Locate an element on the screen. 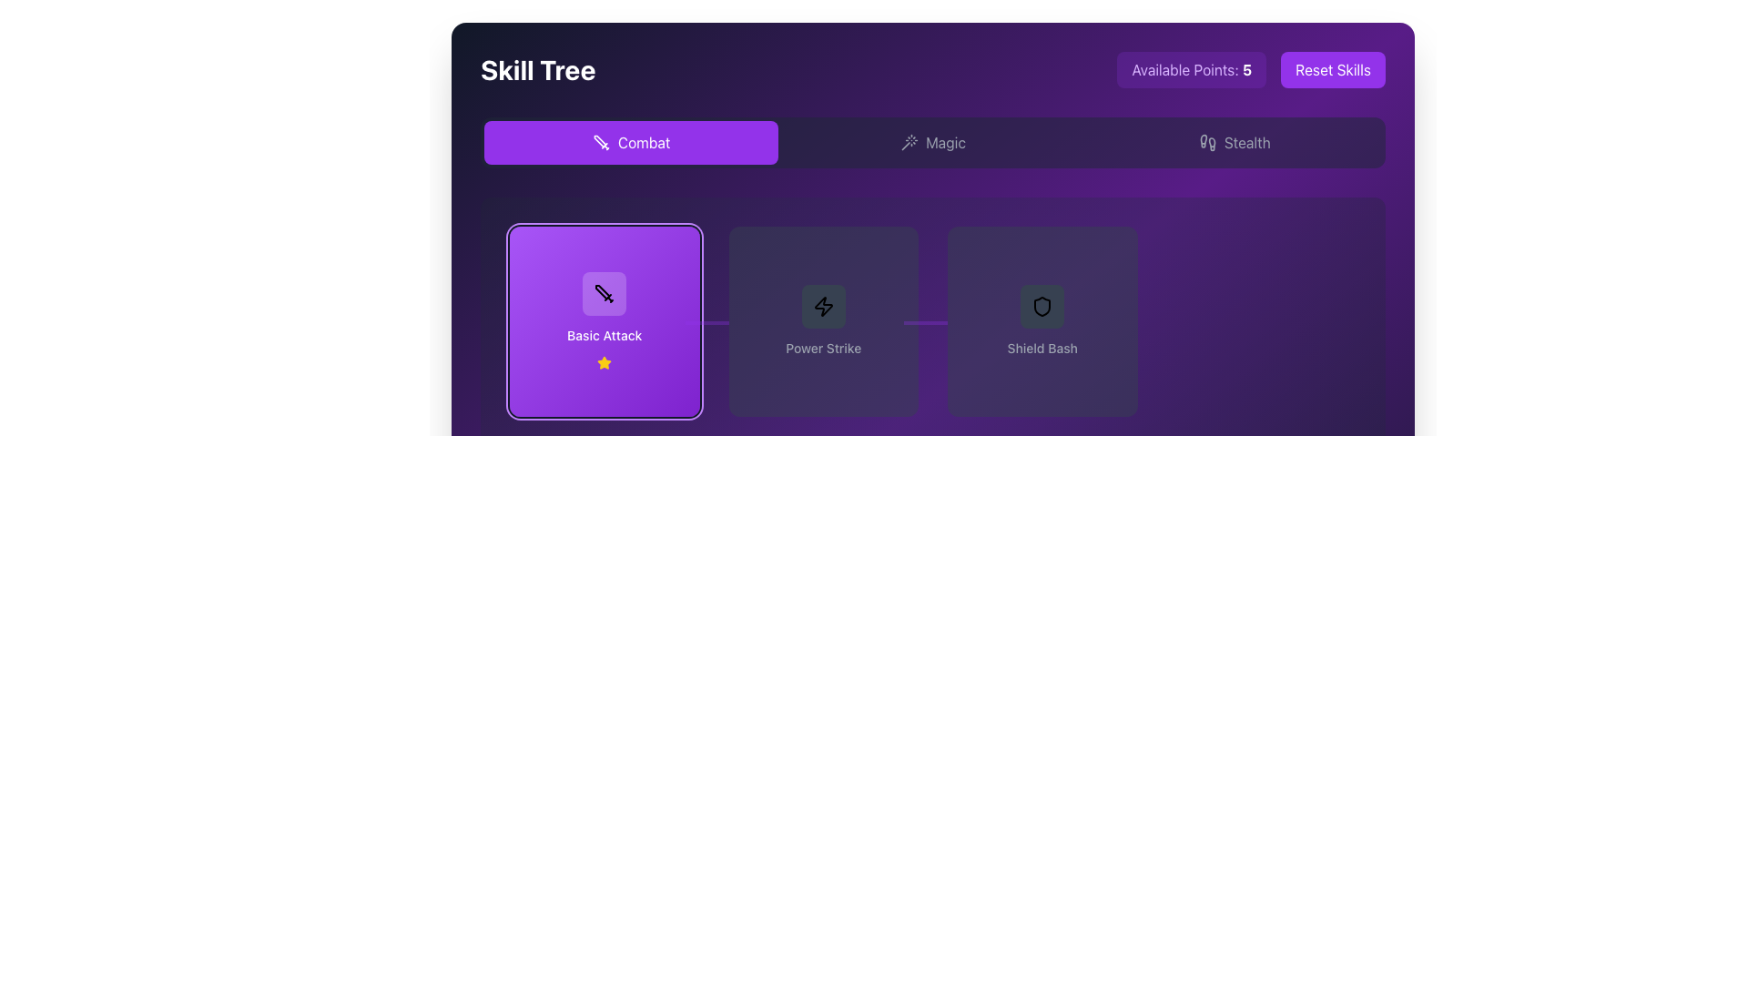 The height and width of the screenshot is (983, 1748). the Connector line that visually connects the 'Power Strike' and 'Shield Bash' buttons in the skill tree layout is located at coordinates (926, 321).